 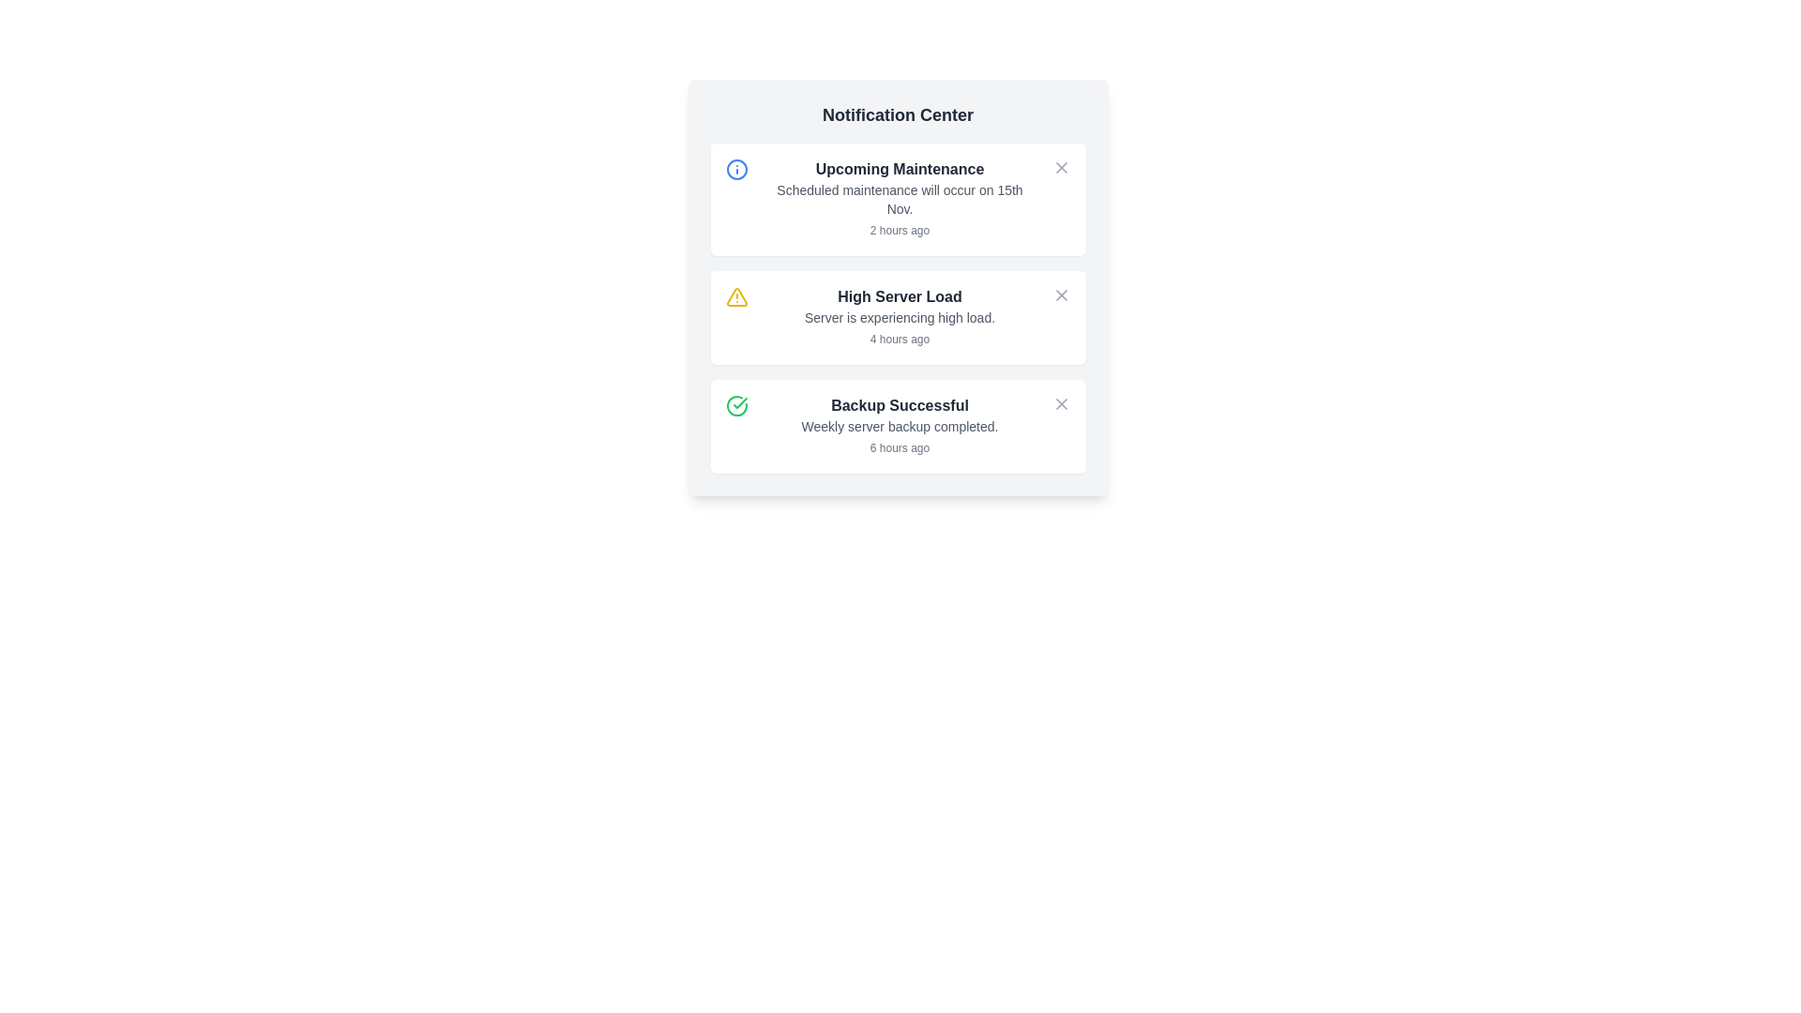 What do you see at coordinates (738, 401) in the screenshot?
I see `success status icon located to the left of the 'Backup Successful' notification text in the bottom notification entry of the notification center panel` at bounding box center [738, 401].